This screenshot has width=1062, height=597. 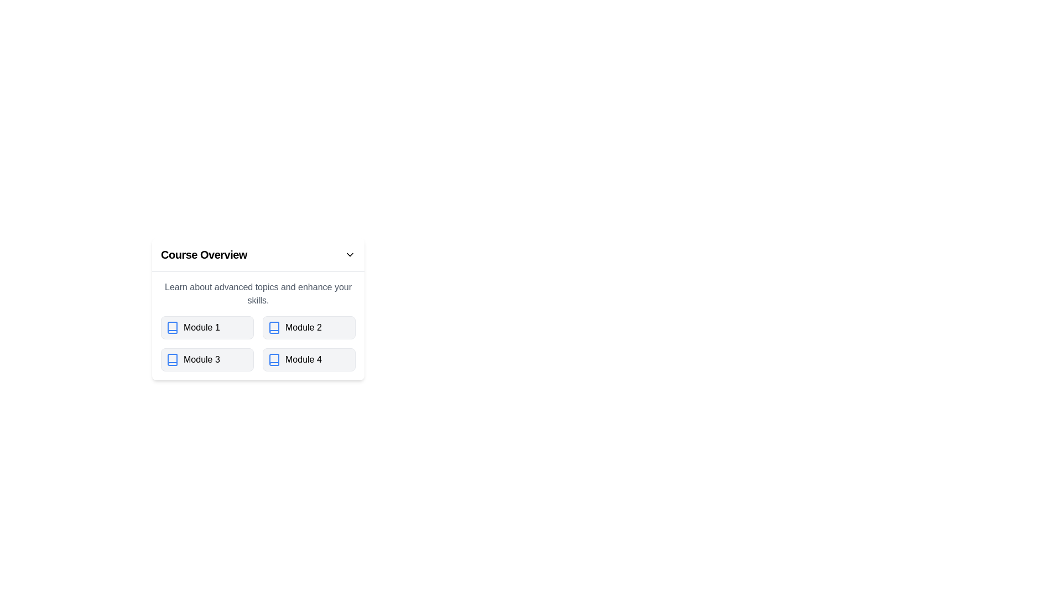 What do you see at coordinates (172, 327) in the screenshot?
I see `the book icon within the 'Module 1' button, which is styled with a blue outline and located in the top-left corner of the course module grid` at bounding box center [172, 327].